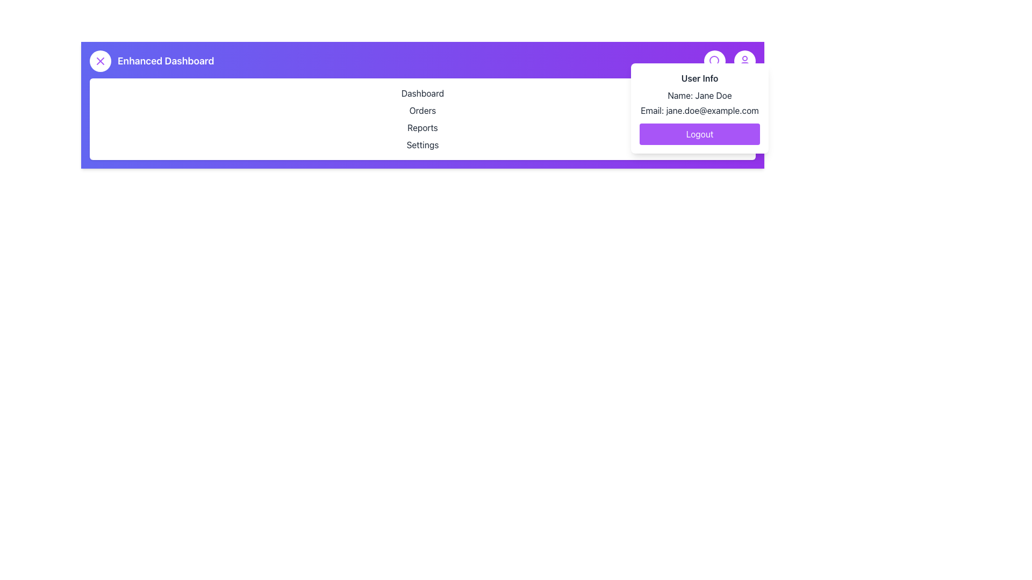 The image size is (1032, 580). I want to click on the static text label that serves as the title for the current section or page, located in the purple header bar near the top-left corner of the interface, so click(151, 61).